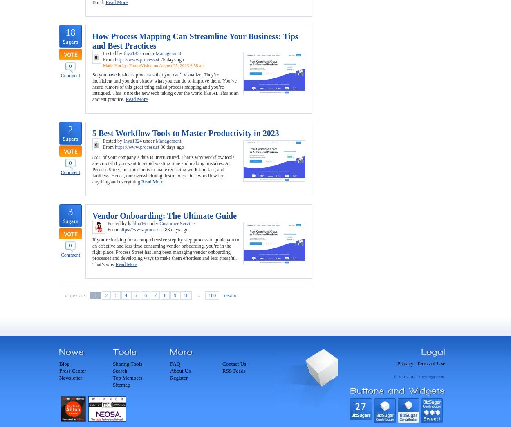  What do you see at coordinates (125, 295) in the screenshot?
I see `'4'` at bounding box center [125, 295].